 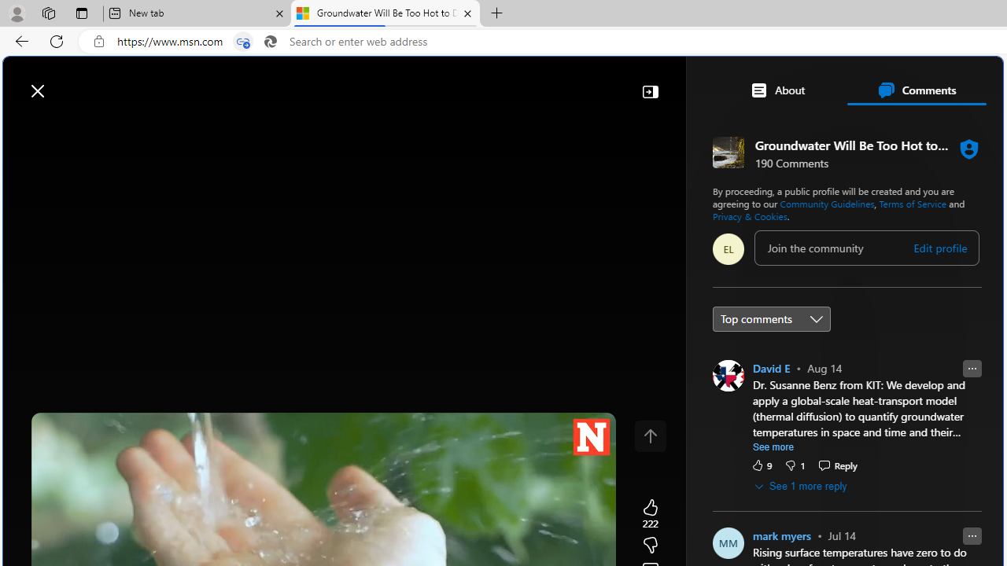 What do you see at coordinates (68, 83) in the screenshot?
I see `'Skip to content'` at bounding box center [68, 83].